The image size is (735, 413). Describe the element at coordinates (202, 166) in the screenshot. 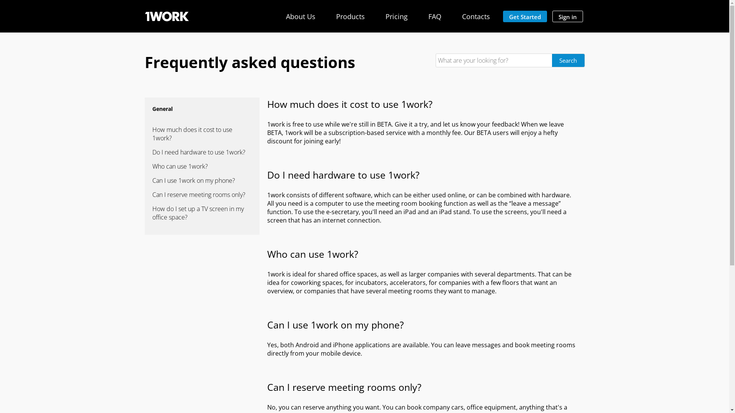

I see `'Who can use 1work?'` at that location.